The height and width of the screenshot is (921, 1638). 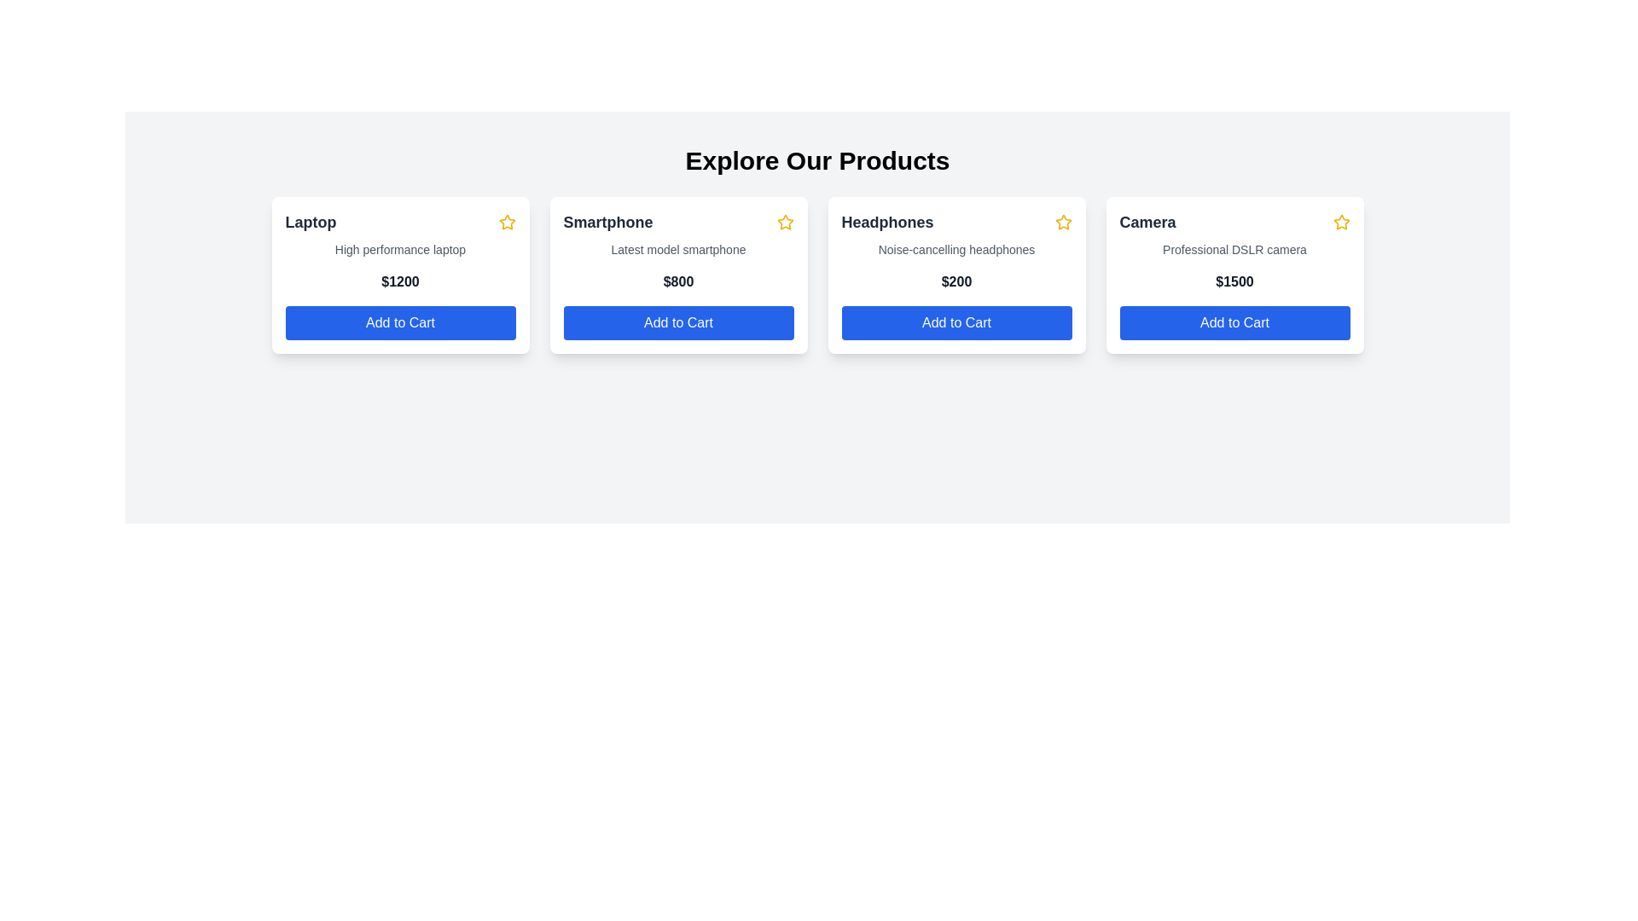 What do you see at coordinates (887, 222) in the screenshot?
I see `the Text label that serves as the title for the product 'Headphones', which is located at the top of the product card` at bounding box center [887, 222].